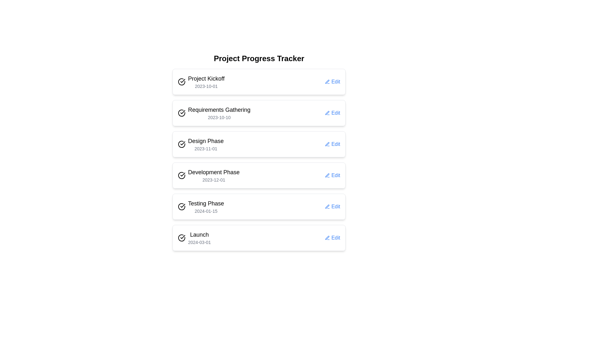 This screenshot has width=611, height=344. What do you see at coordinates (332, 206) in the screenshot?
I see `the edit button located on the far-right edge of the 'Testing Phase' row` at bounding box center [332, 206].